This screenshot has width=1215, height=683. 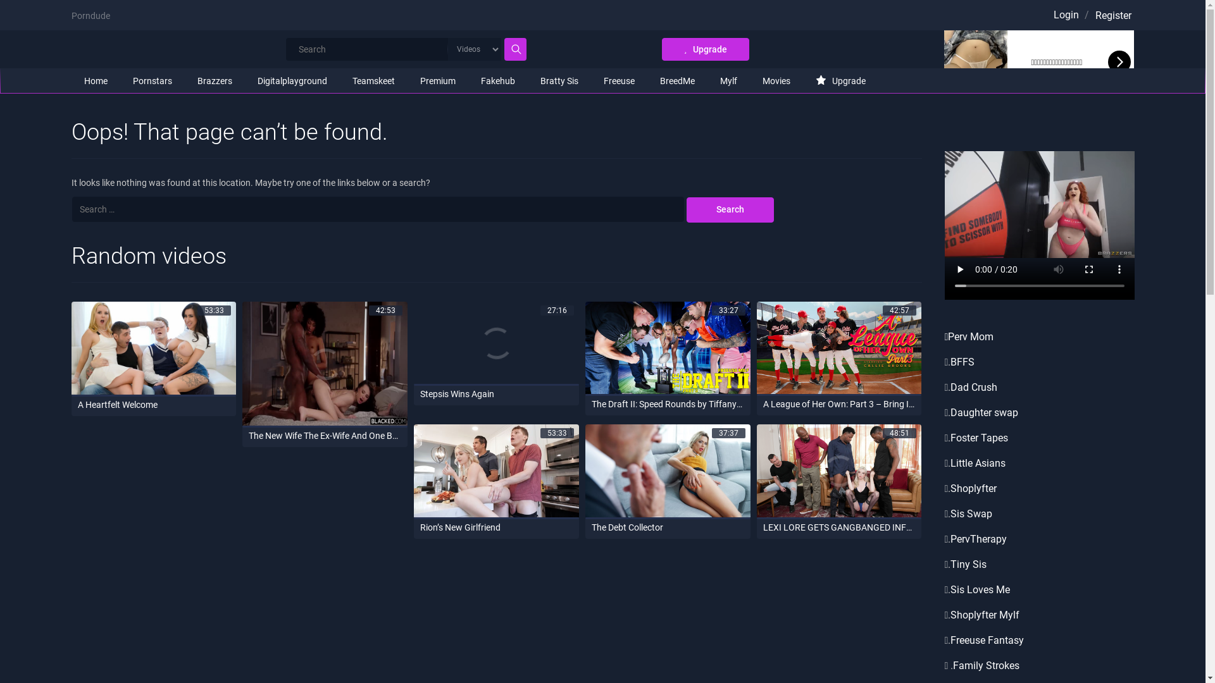 I want to click on '33:27', so click(x=667, y=348).